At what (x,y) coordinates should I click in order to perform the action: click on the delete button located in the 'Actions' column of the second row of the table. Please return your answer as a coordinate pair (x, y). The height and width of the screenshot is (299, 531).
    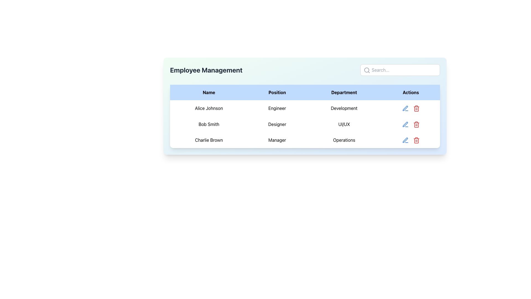
    Looking at the image, I should click on (416, 124).